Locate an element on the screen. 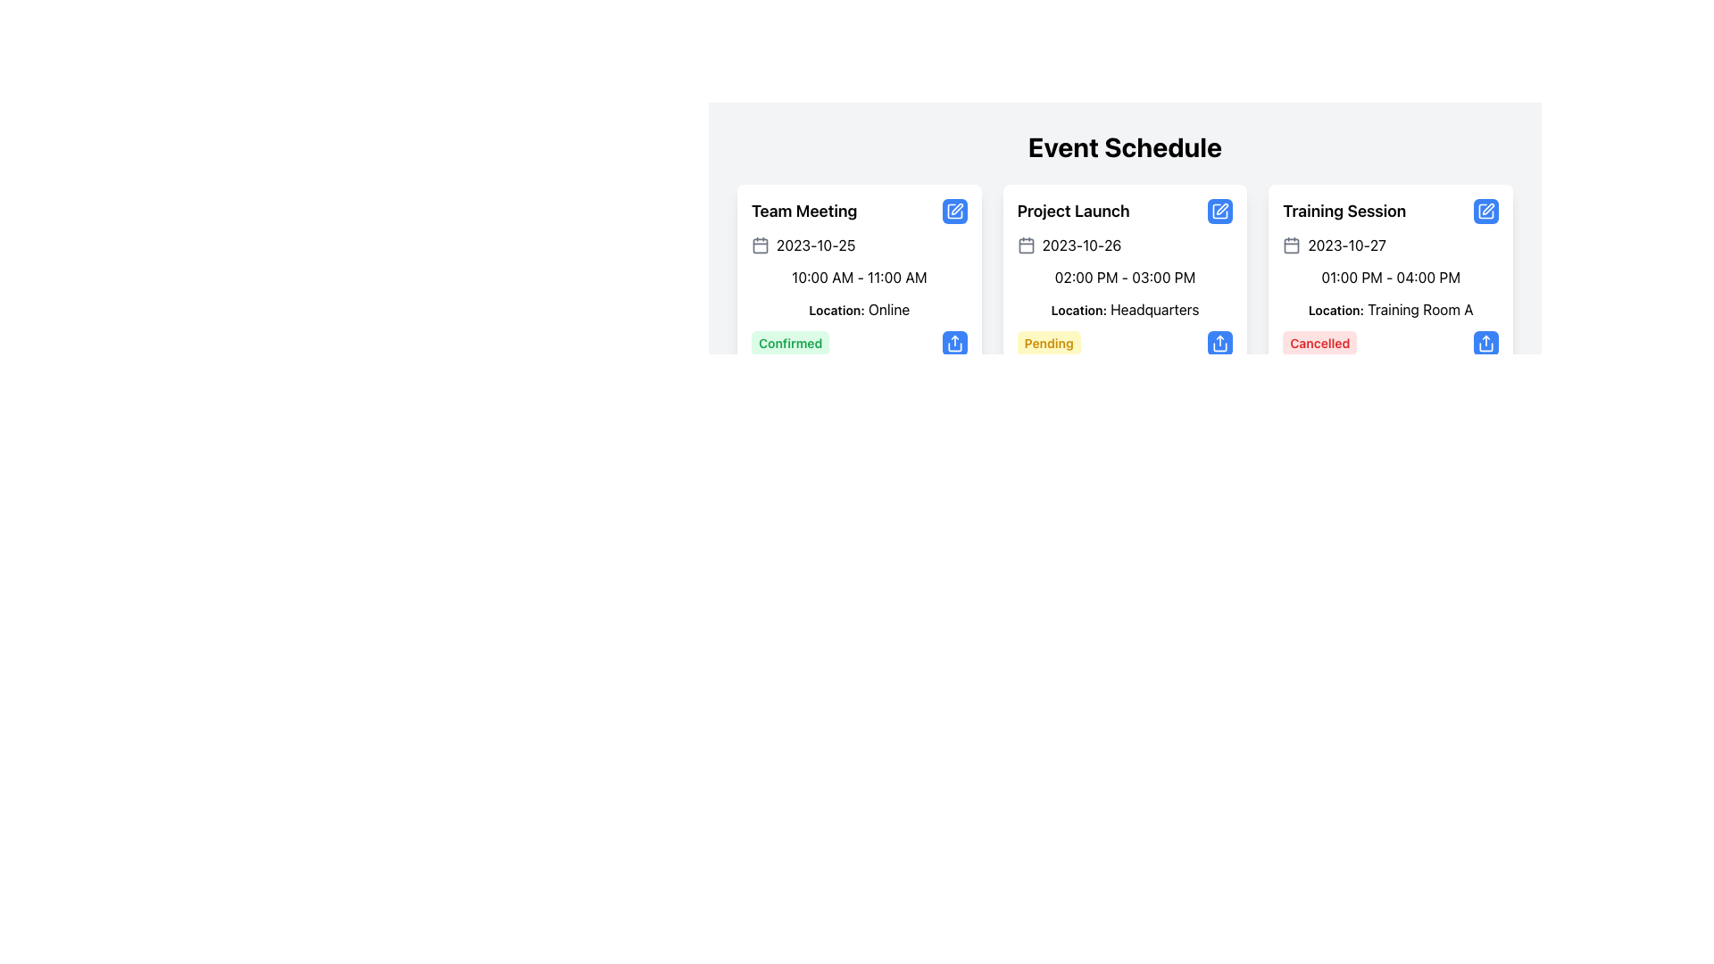  the text label that serves as a heading with the title 'Project Launch', which is located within a card that contains event details is located at coordinates (1072, 210).